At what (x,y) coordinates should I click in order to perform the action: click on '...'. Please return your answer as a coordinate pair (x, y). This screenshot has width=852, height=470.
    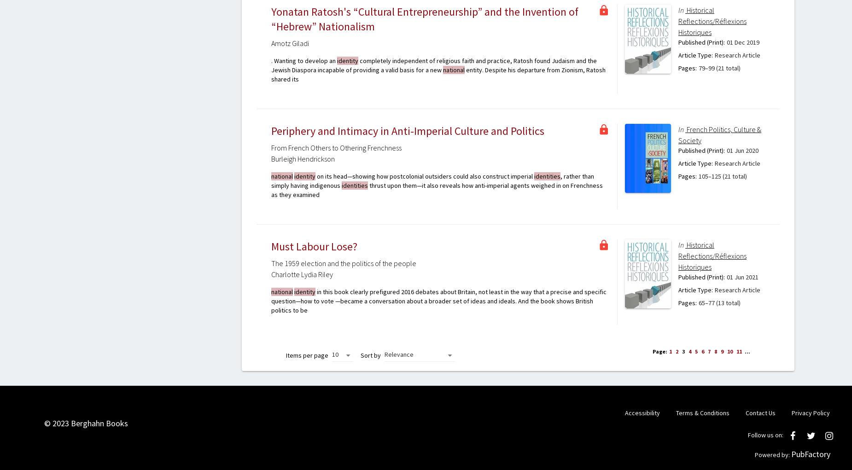
    Looking at the image, I should click on (744, 351).